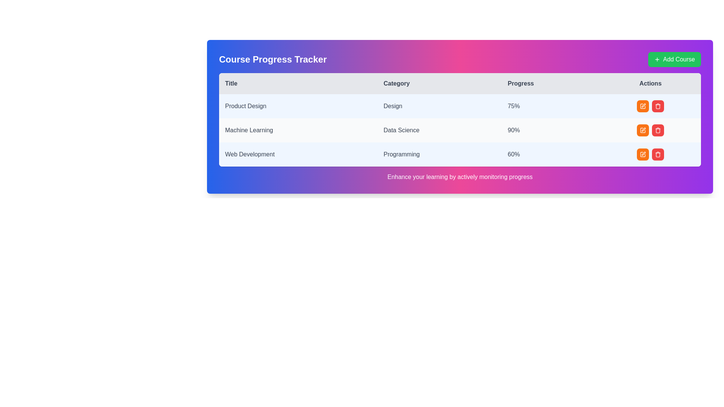 This screenshot has height=407, width=724. I want to click on the trash bin icon located within the red button in the last row of the table under the 'Actions' column for the 'Web Development' course, so click(658, 130).